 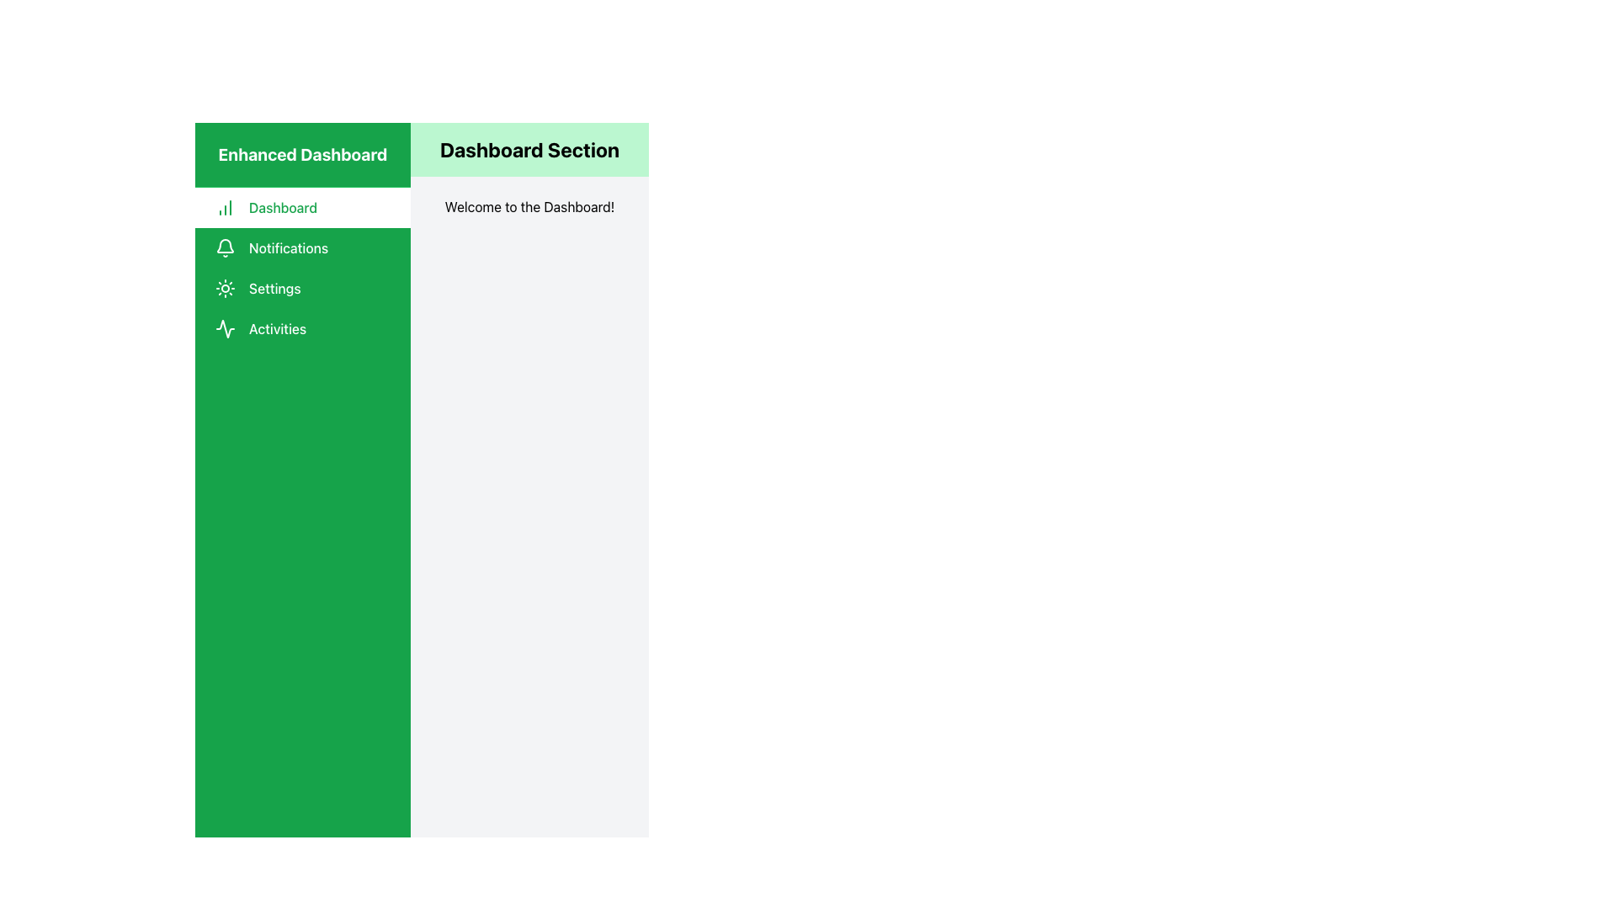 I want to click on 'Dashboard' text label, which is styled in green and located inside the vertical menu bar next to a chart icon, so click(x=283, y=206).